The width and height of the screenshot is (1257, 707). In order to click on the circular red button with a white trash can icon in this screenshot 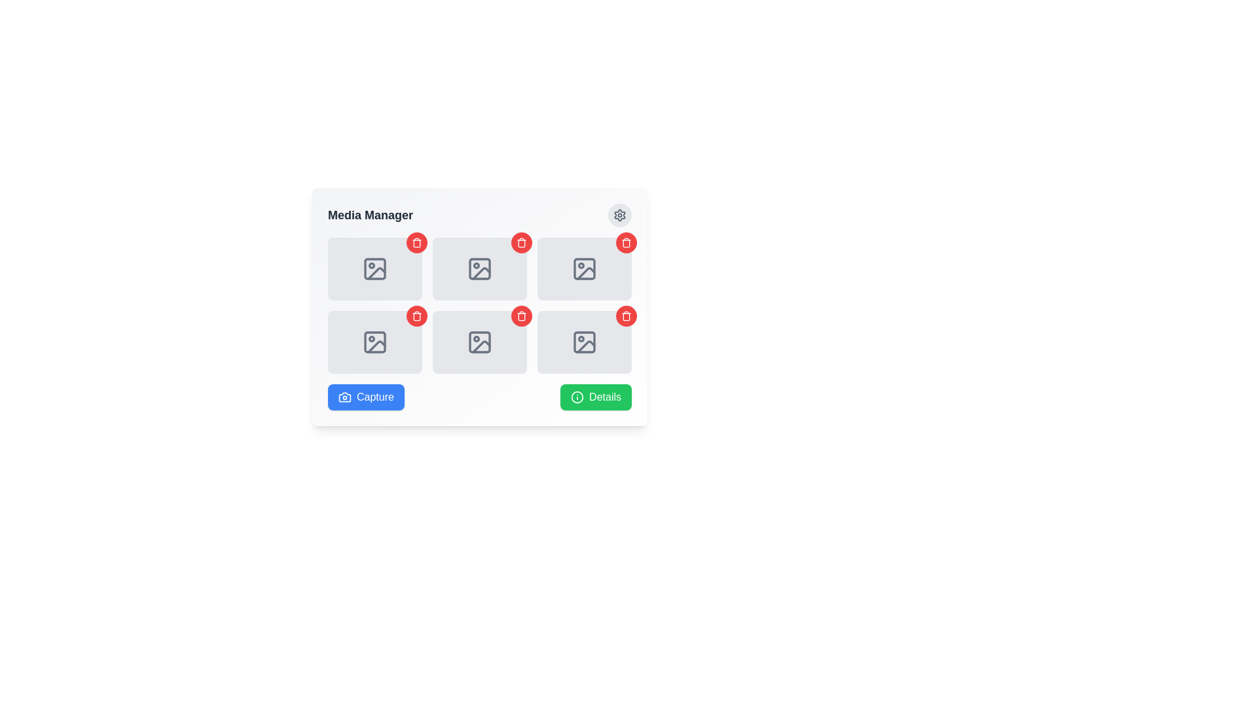, I will do `click(416, 242)`.